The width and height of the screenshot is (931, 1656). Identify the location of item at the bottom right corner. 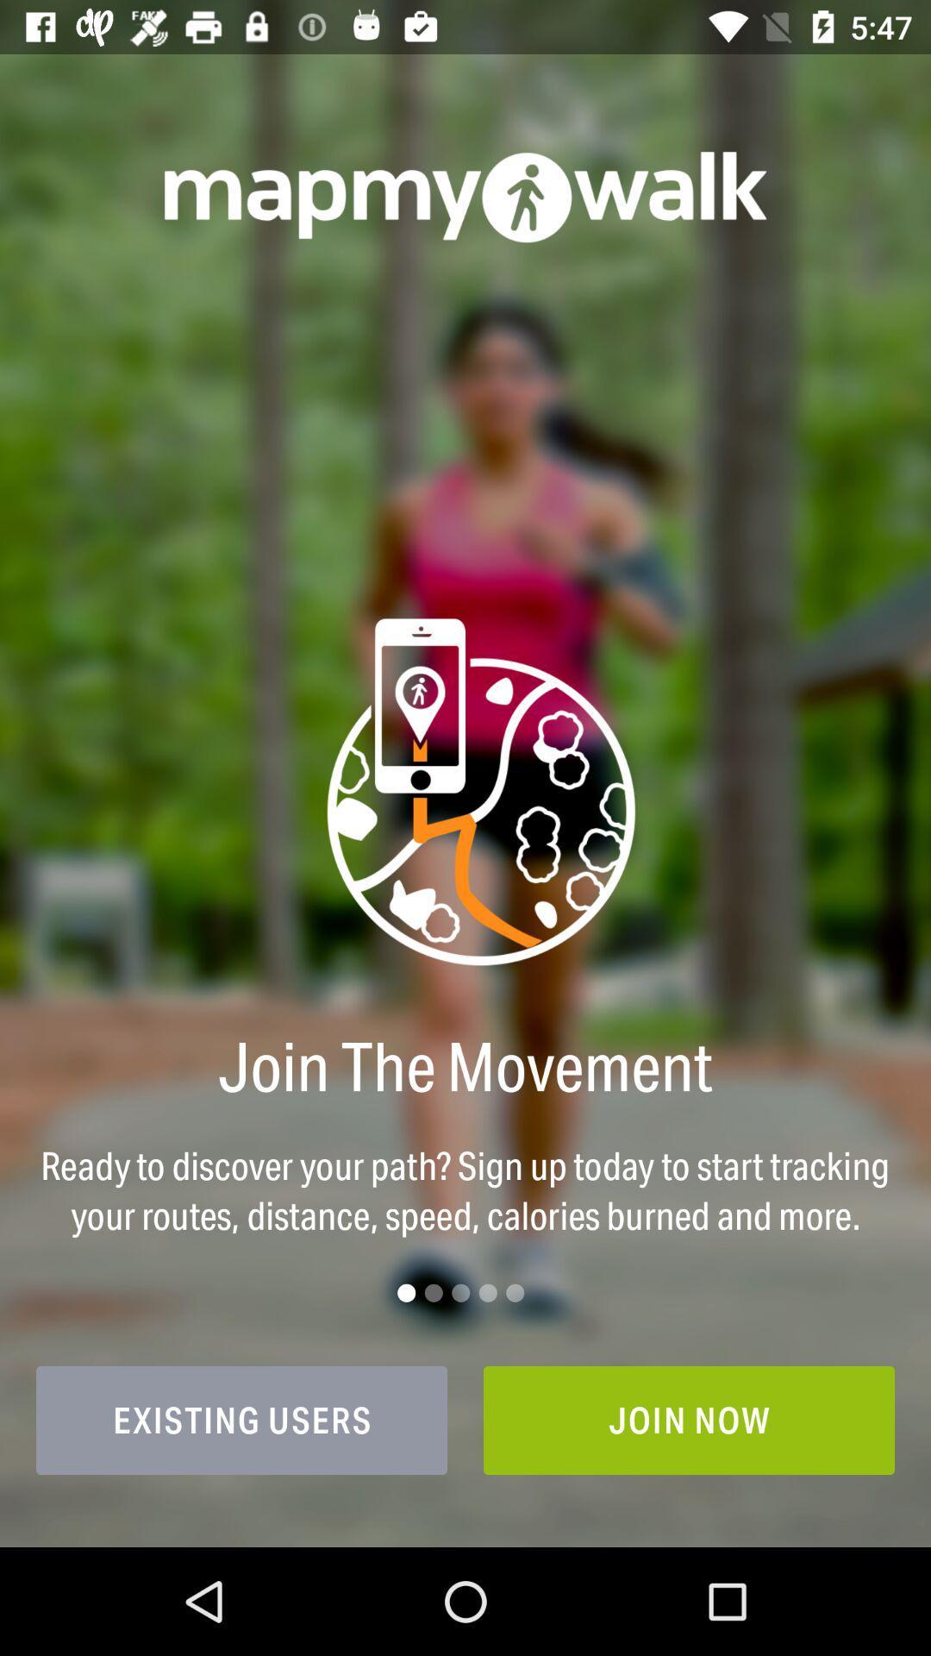
(688, 1420).